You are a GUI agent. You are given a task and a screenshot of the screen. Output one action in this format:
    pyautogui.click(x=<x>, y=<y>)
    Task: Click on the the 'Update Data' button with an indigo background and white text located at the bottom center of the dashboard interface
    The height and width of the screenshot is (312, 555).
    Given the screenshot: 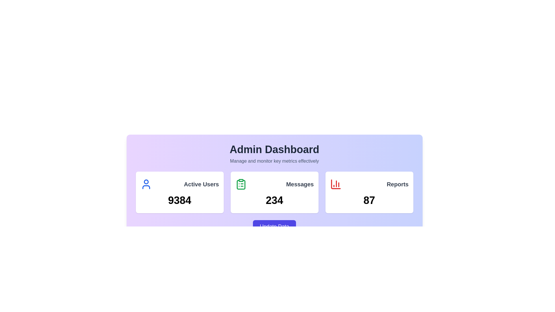 What is the action you would take?
    pyautogui.click(x=274, y=226)
    